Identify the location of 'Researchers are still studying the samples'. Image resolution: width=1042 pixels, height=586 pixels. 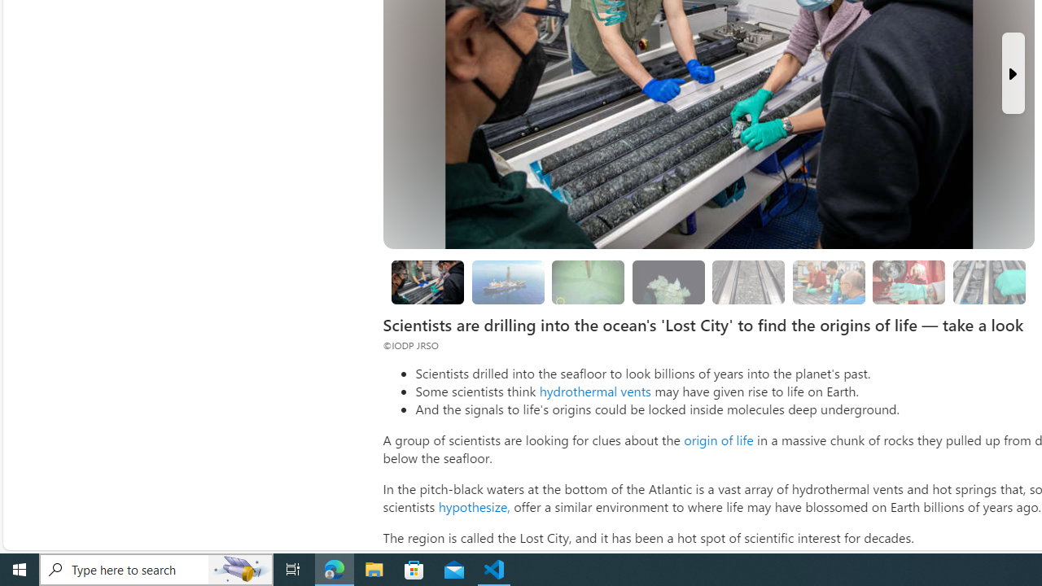
(988, 282).